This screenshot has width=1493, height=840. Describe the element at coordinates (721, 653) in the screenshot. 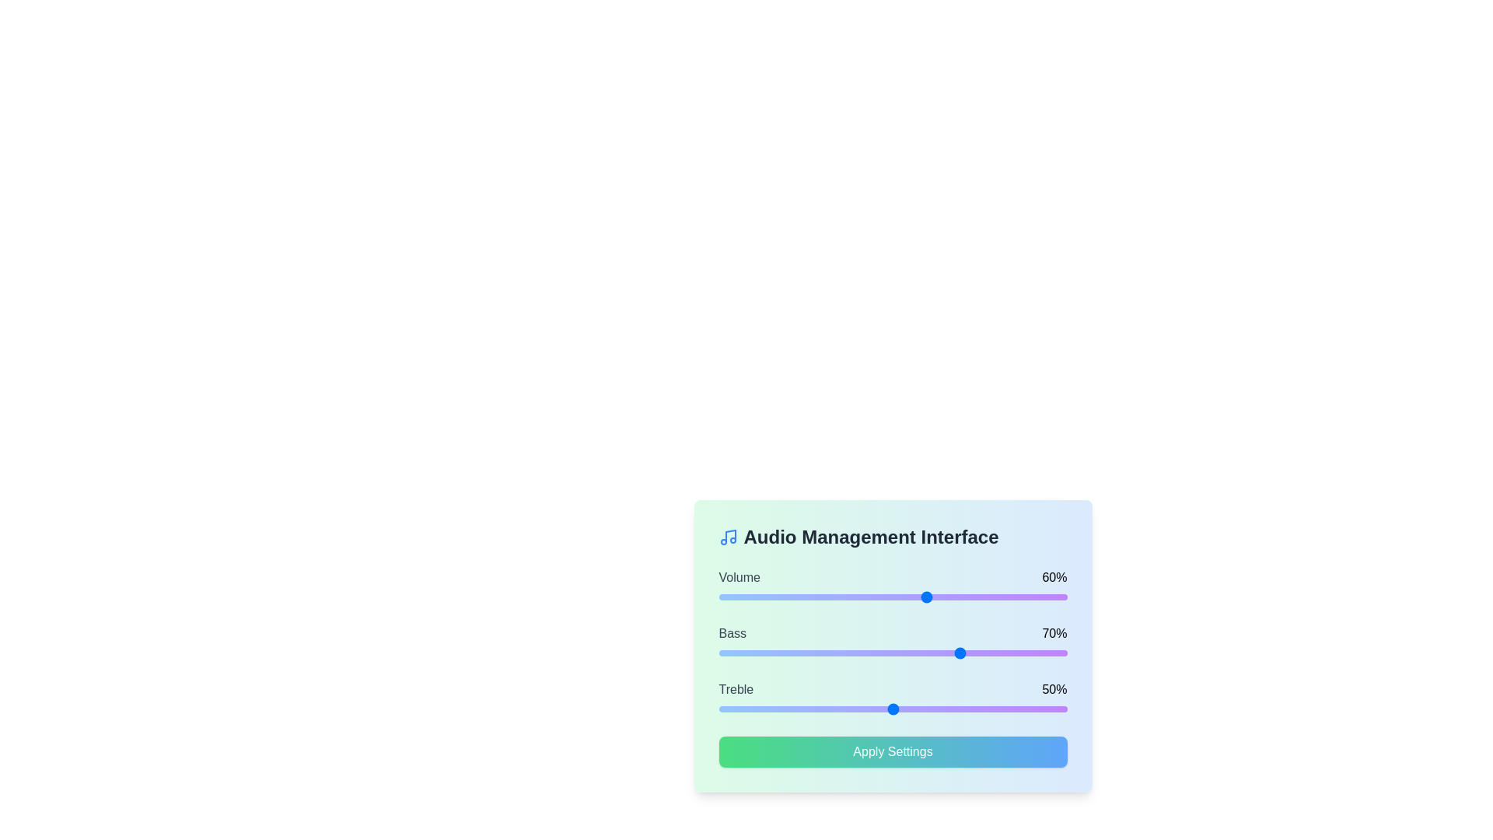

I see `the slider` at that location.